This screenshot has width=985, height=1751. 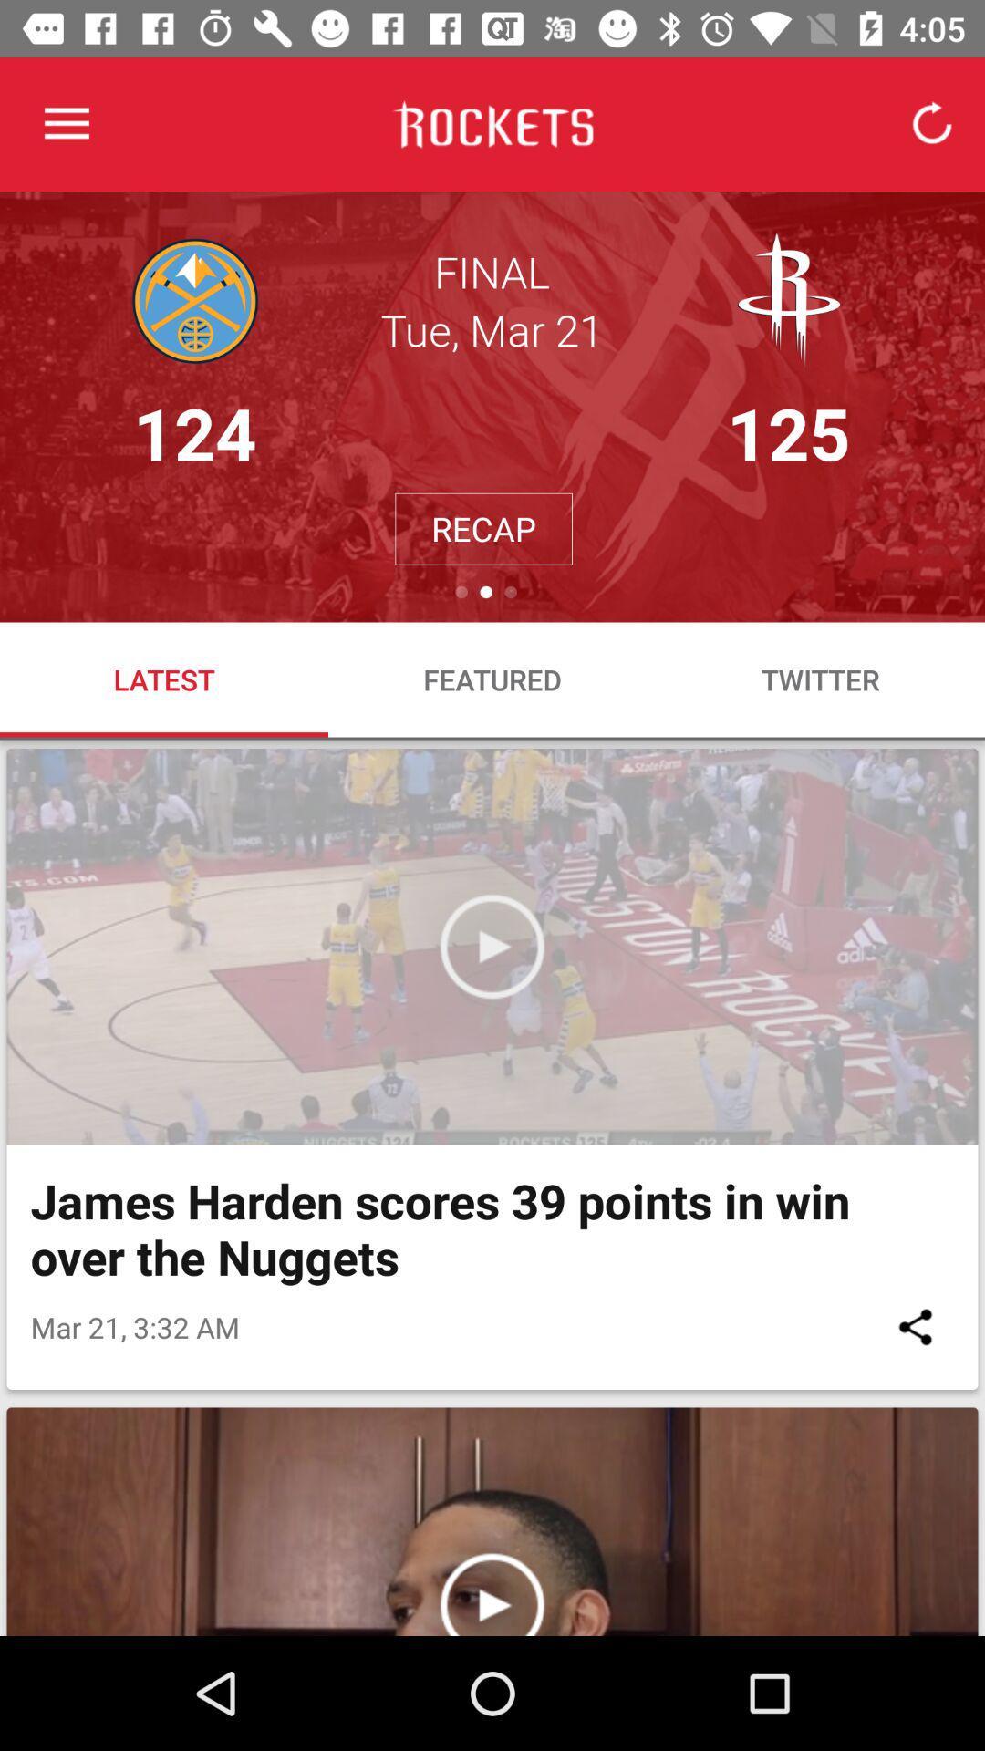 What do you see at coordinates (915, 1327) in the screenshot?
I see `icon next to mar 21 3 item` at bounding box center [915, 1327].